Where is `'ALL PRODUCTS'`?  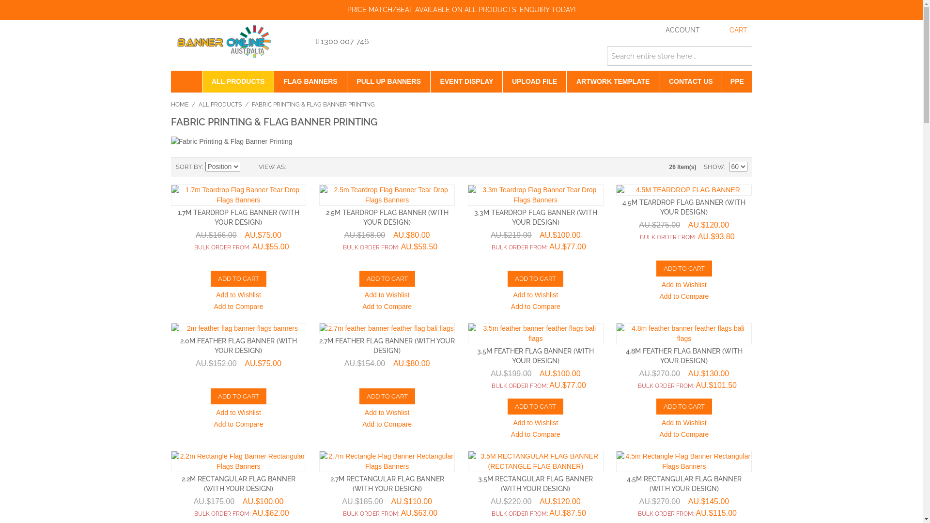 'ALL PRODUCTS' is located at coordinates (219, 105).